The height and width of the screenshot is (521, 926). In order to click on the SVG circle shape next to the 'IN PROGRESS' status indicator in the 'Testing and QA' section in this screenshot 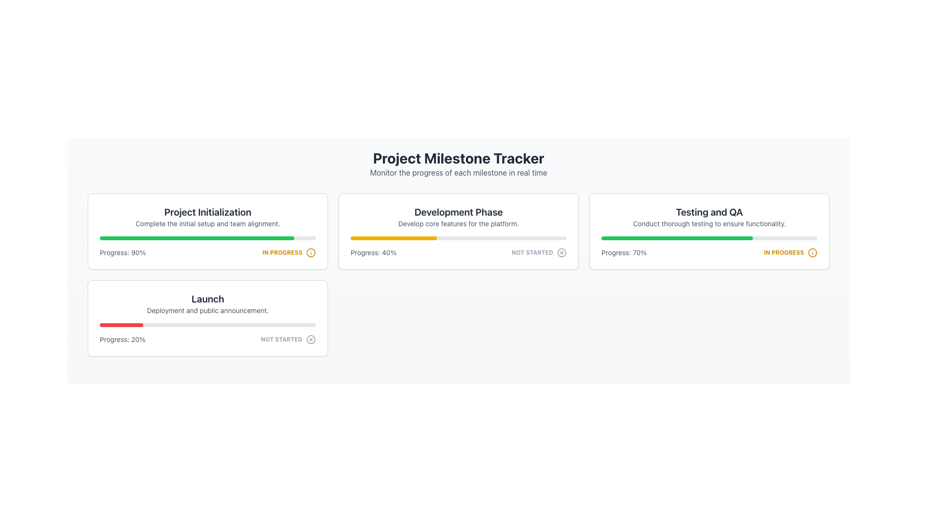, I will do `click(812, 252)`.